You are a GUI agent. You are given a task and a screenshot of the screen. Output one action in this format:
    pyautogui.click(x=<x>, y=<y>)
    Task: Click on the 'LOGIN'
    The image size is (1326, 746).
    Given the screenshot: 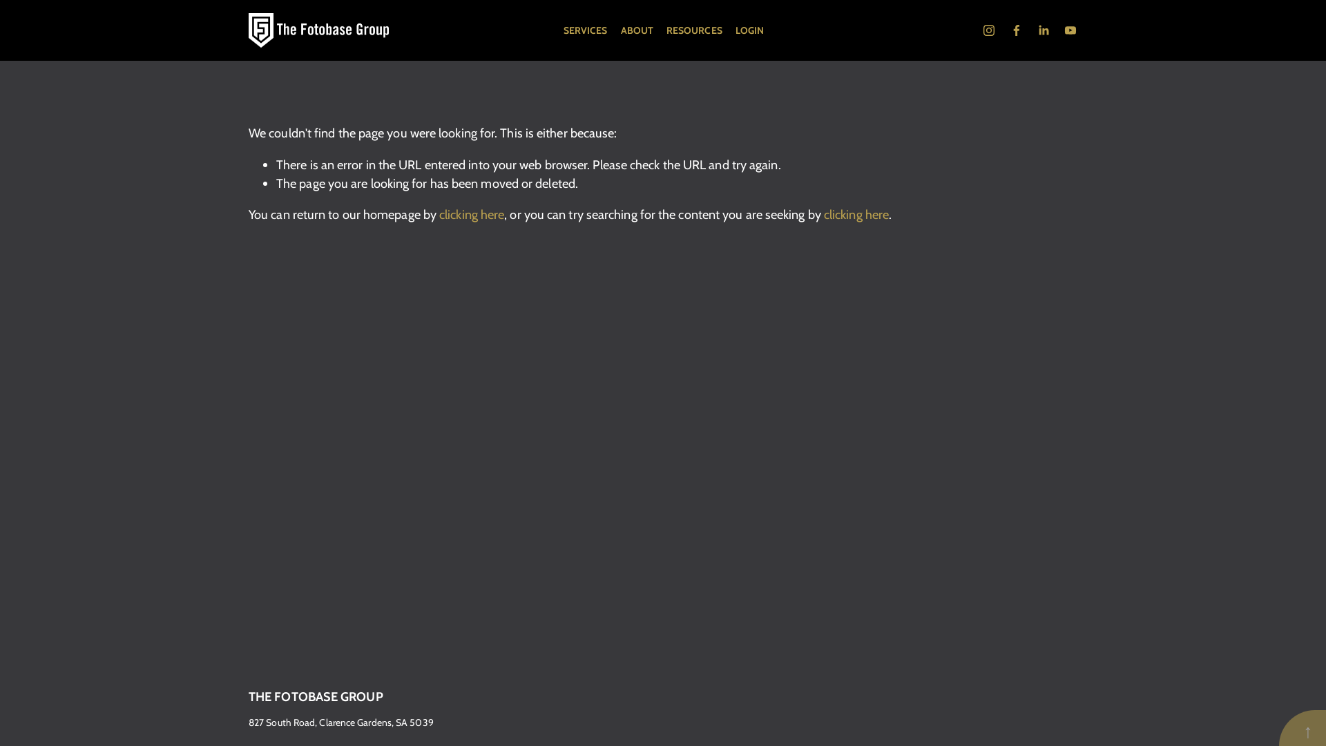 What is the action you would take?
    pyautogui.click(x=749, y=30)
    